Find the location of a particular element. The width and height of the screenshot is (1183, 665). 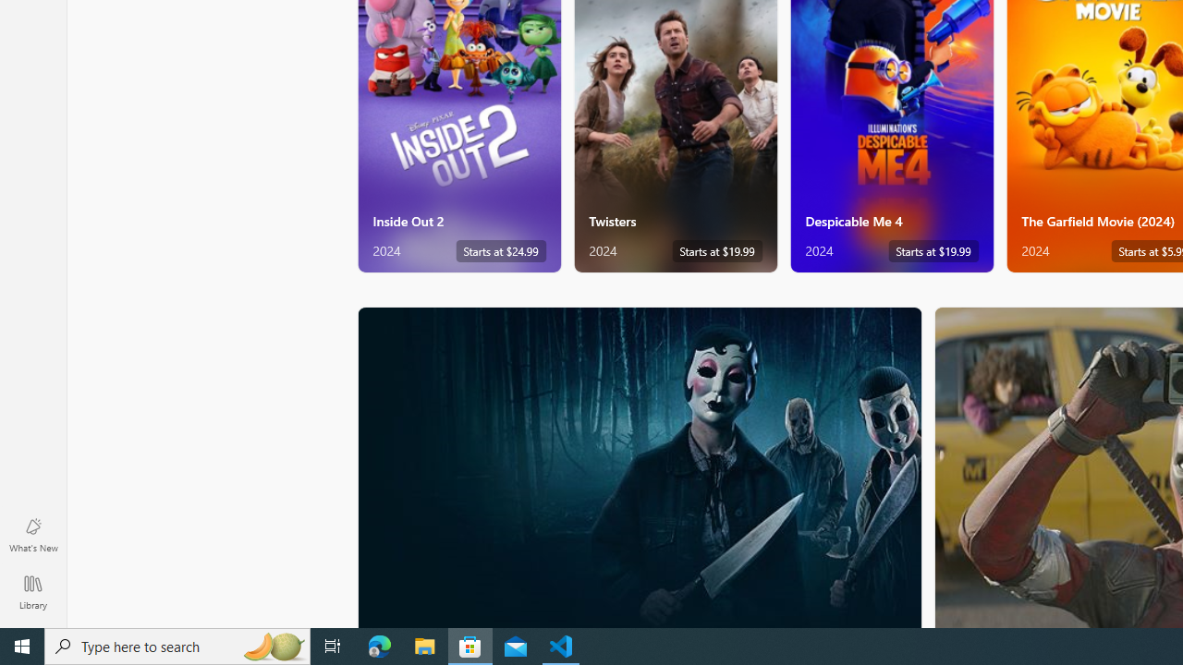

'Library' is located at coordinates (32, 591).